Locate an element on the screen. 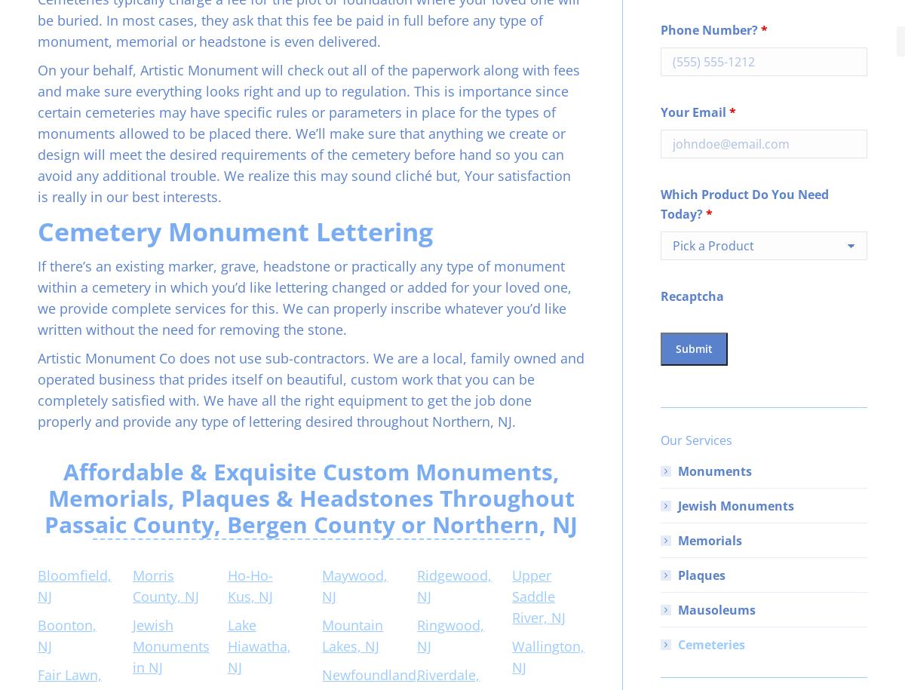 The image size is (905, 690). 'Cemetery Monument Lettering' is located at coordinates (235, 231).